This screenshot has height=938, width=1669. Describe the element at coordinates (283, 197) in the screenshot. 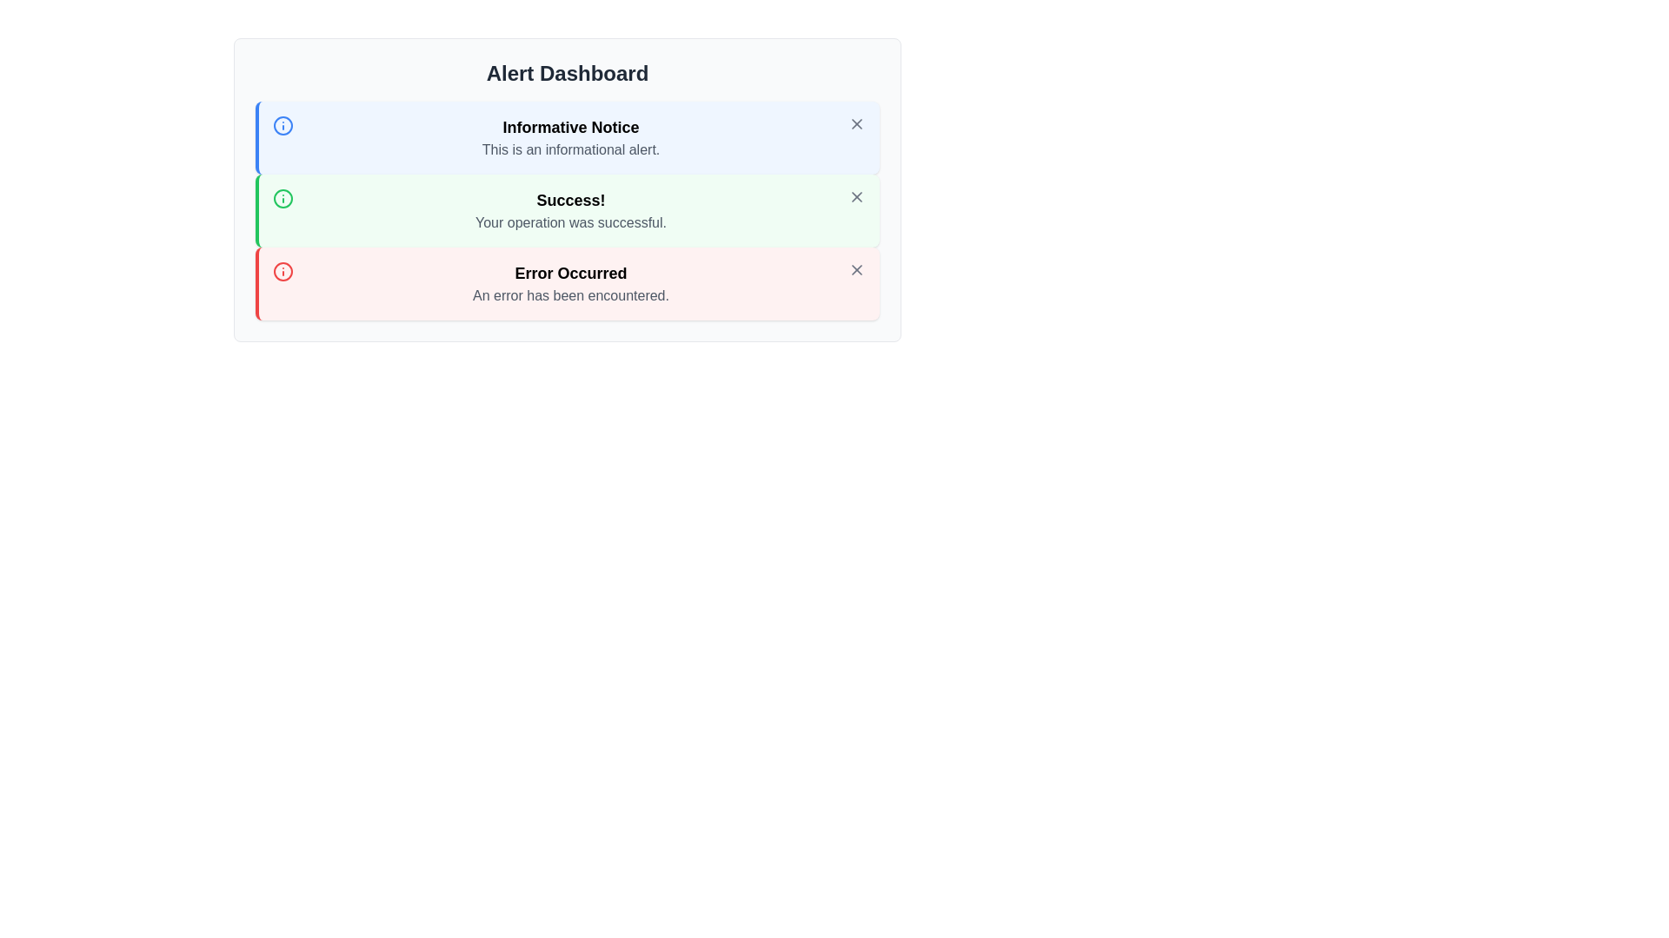

I see `the green circular border of the success notification icon, which is positioned to the left of the 'Success!' label` at that location.